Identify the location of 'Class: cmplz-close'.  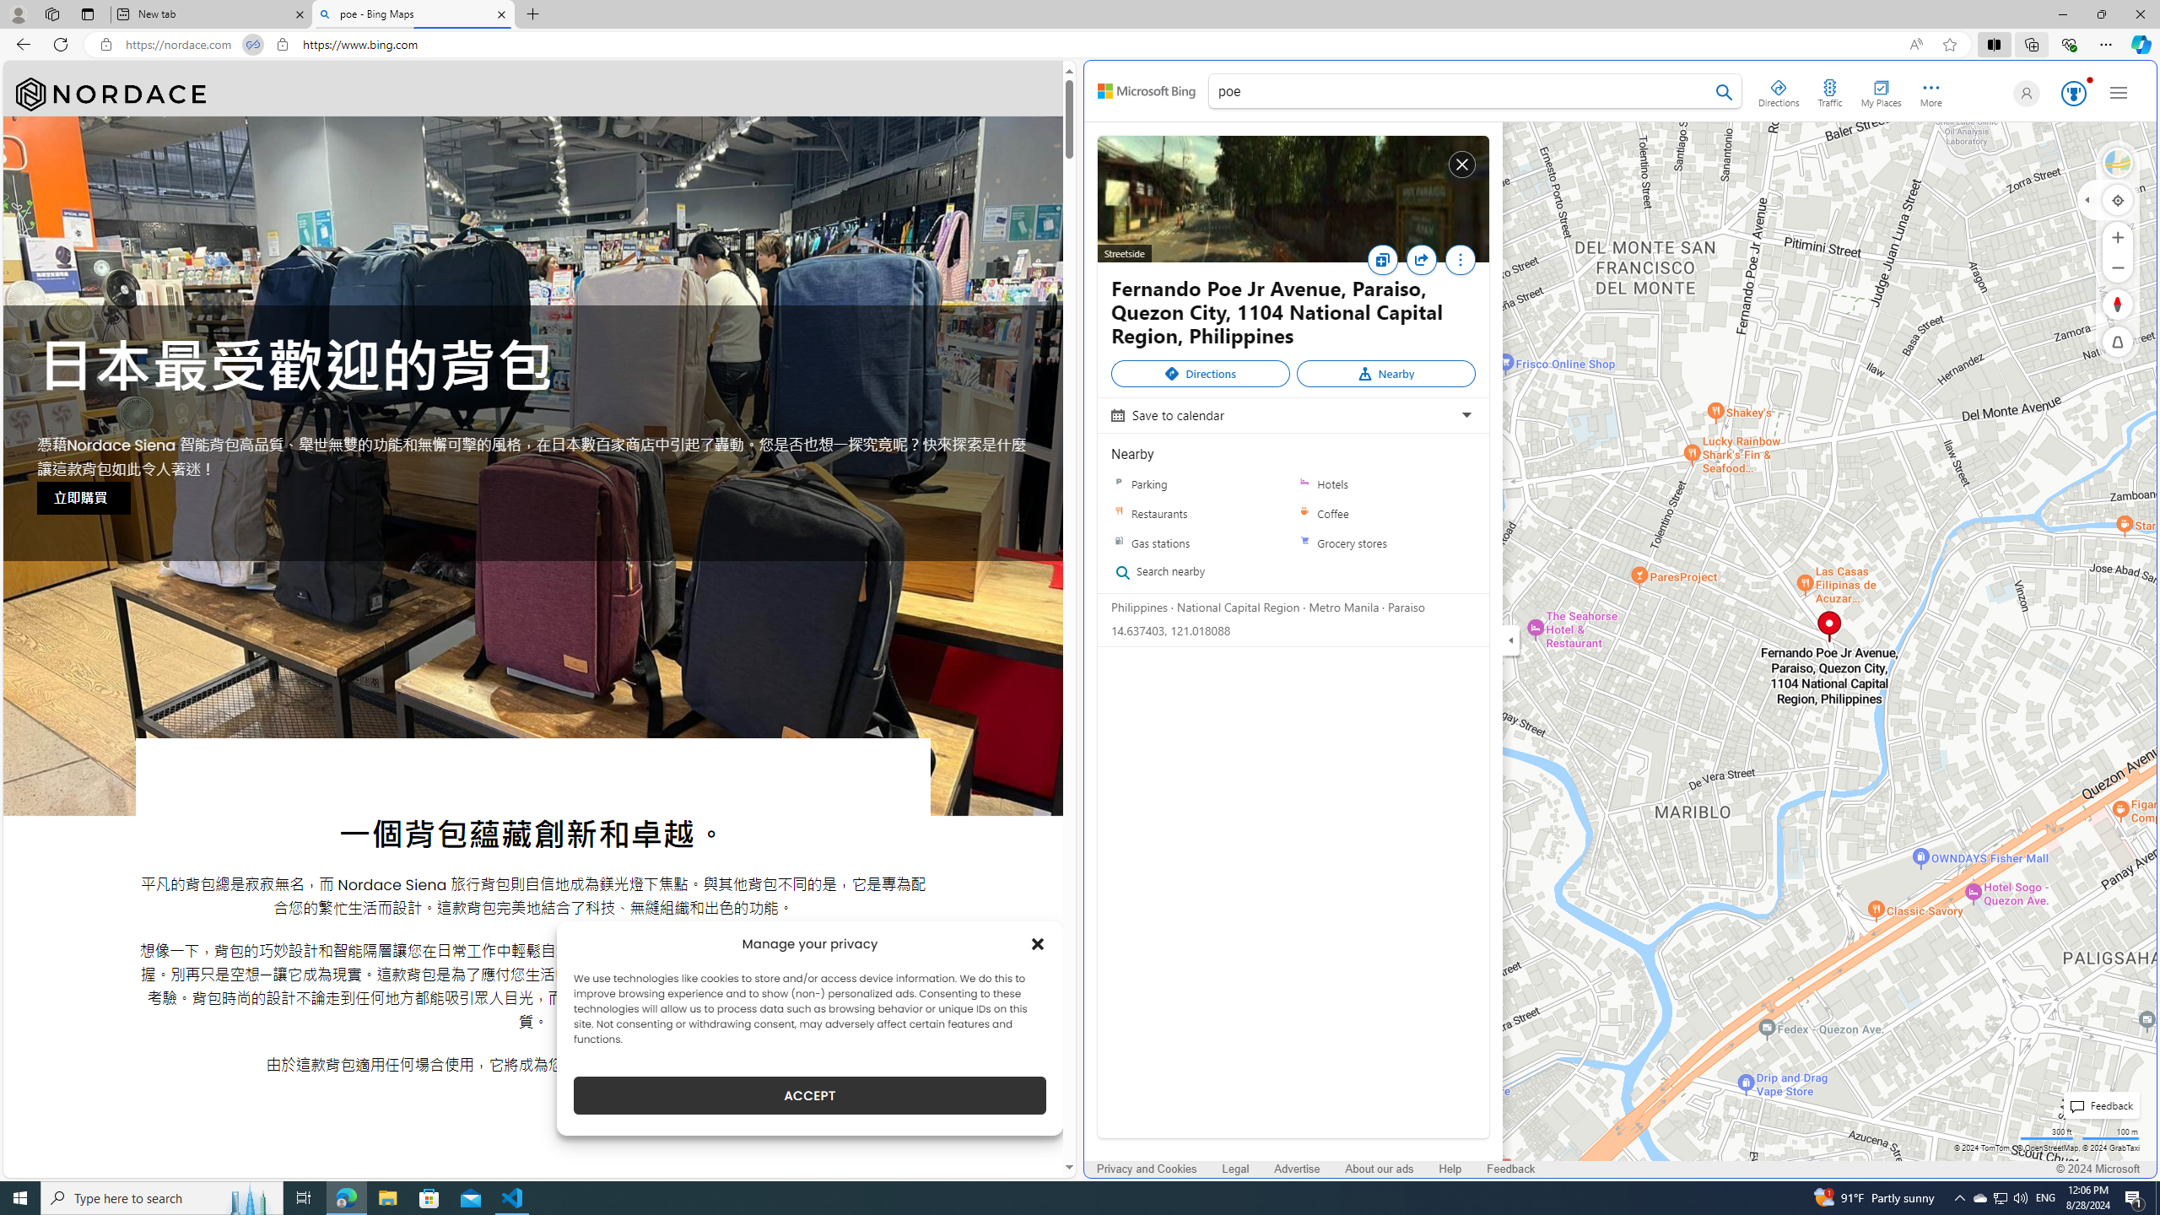
(1038, 943).